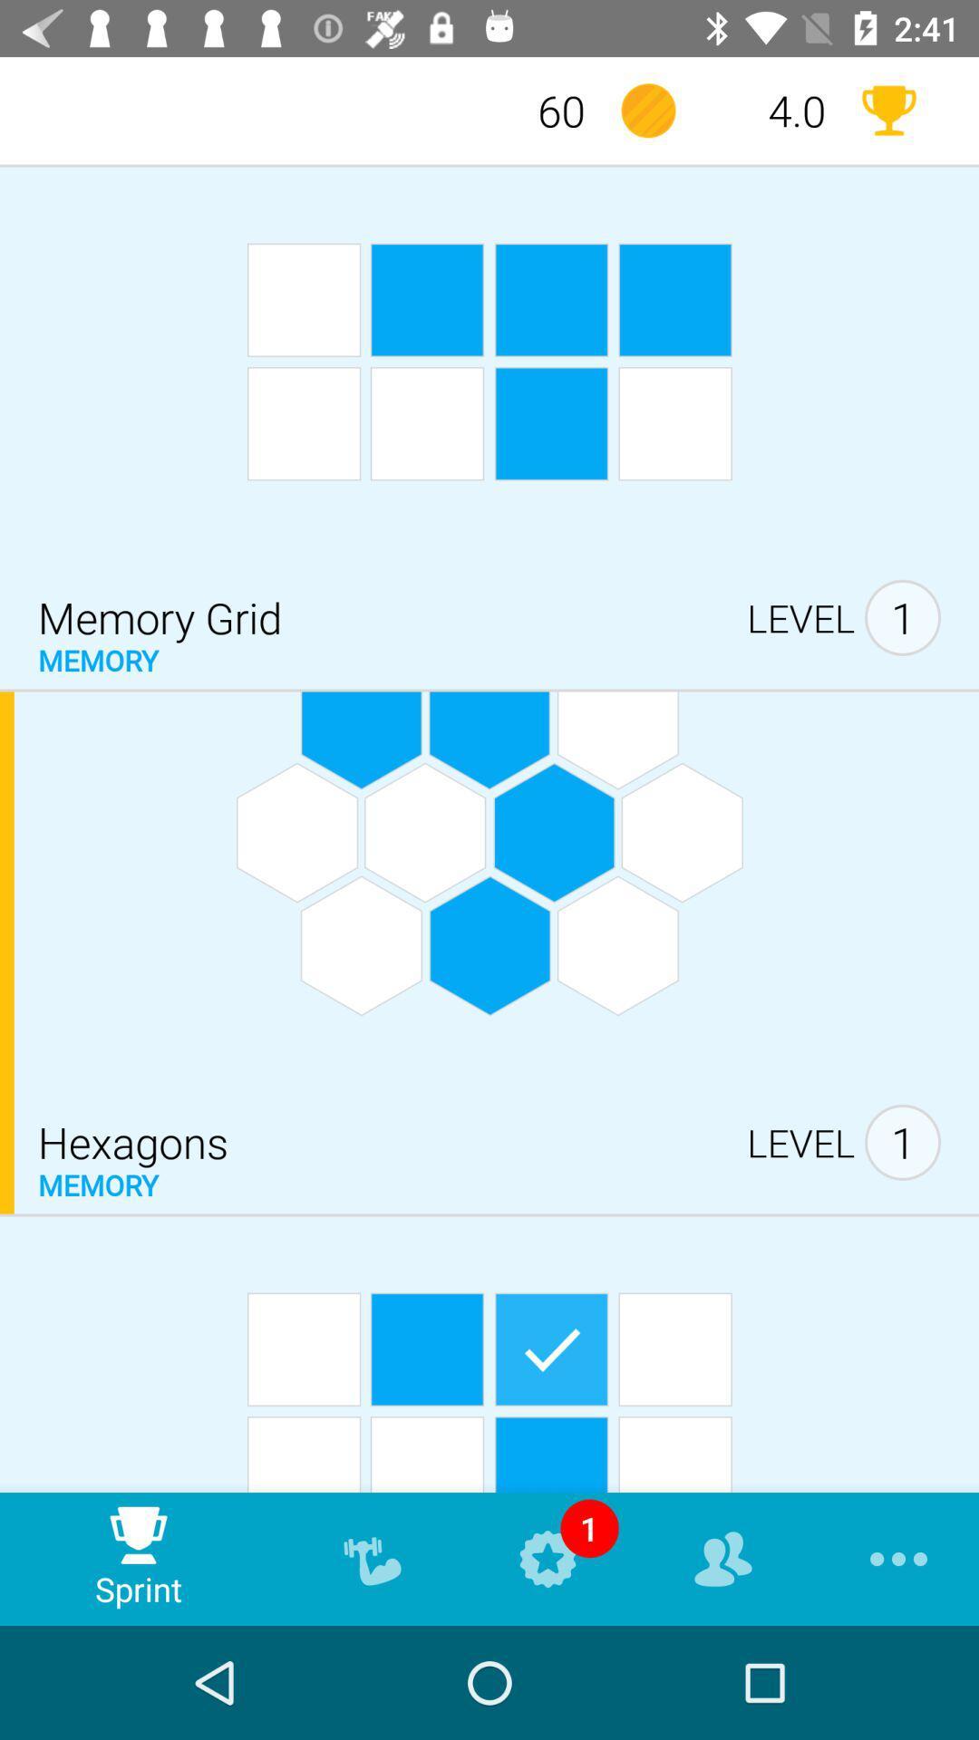 The height and width of the screenshot is (1740, 979). I want to click on the item to the left of the 4.0 item, so click(647, 110).